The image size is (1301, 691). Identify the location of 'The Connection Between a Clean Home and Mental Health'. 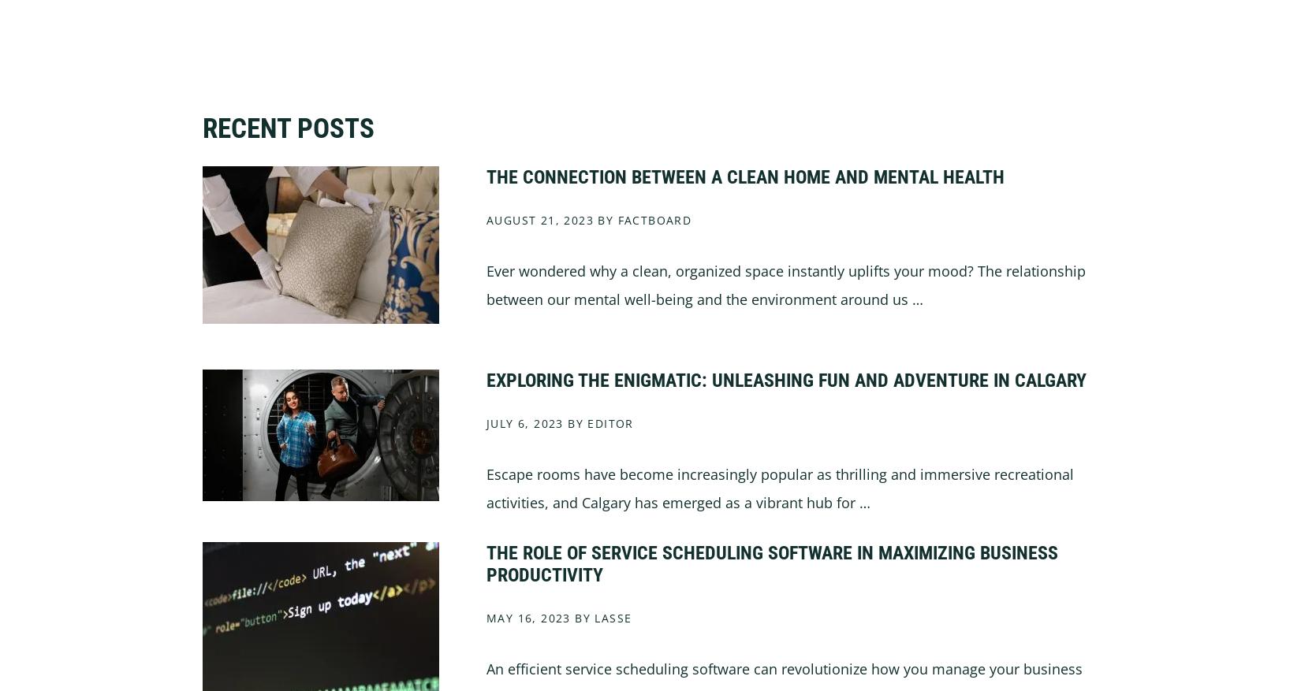
(485, 175).